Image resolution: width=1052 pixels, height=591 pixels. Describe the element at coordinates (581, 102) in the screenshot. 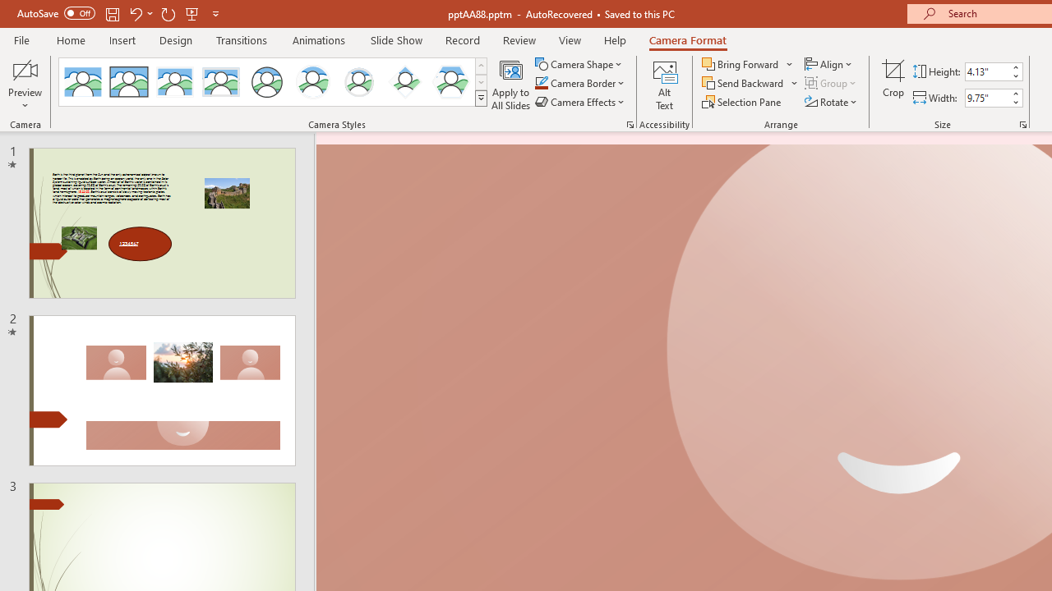

I see `'Camera Effects'` at that location.